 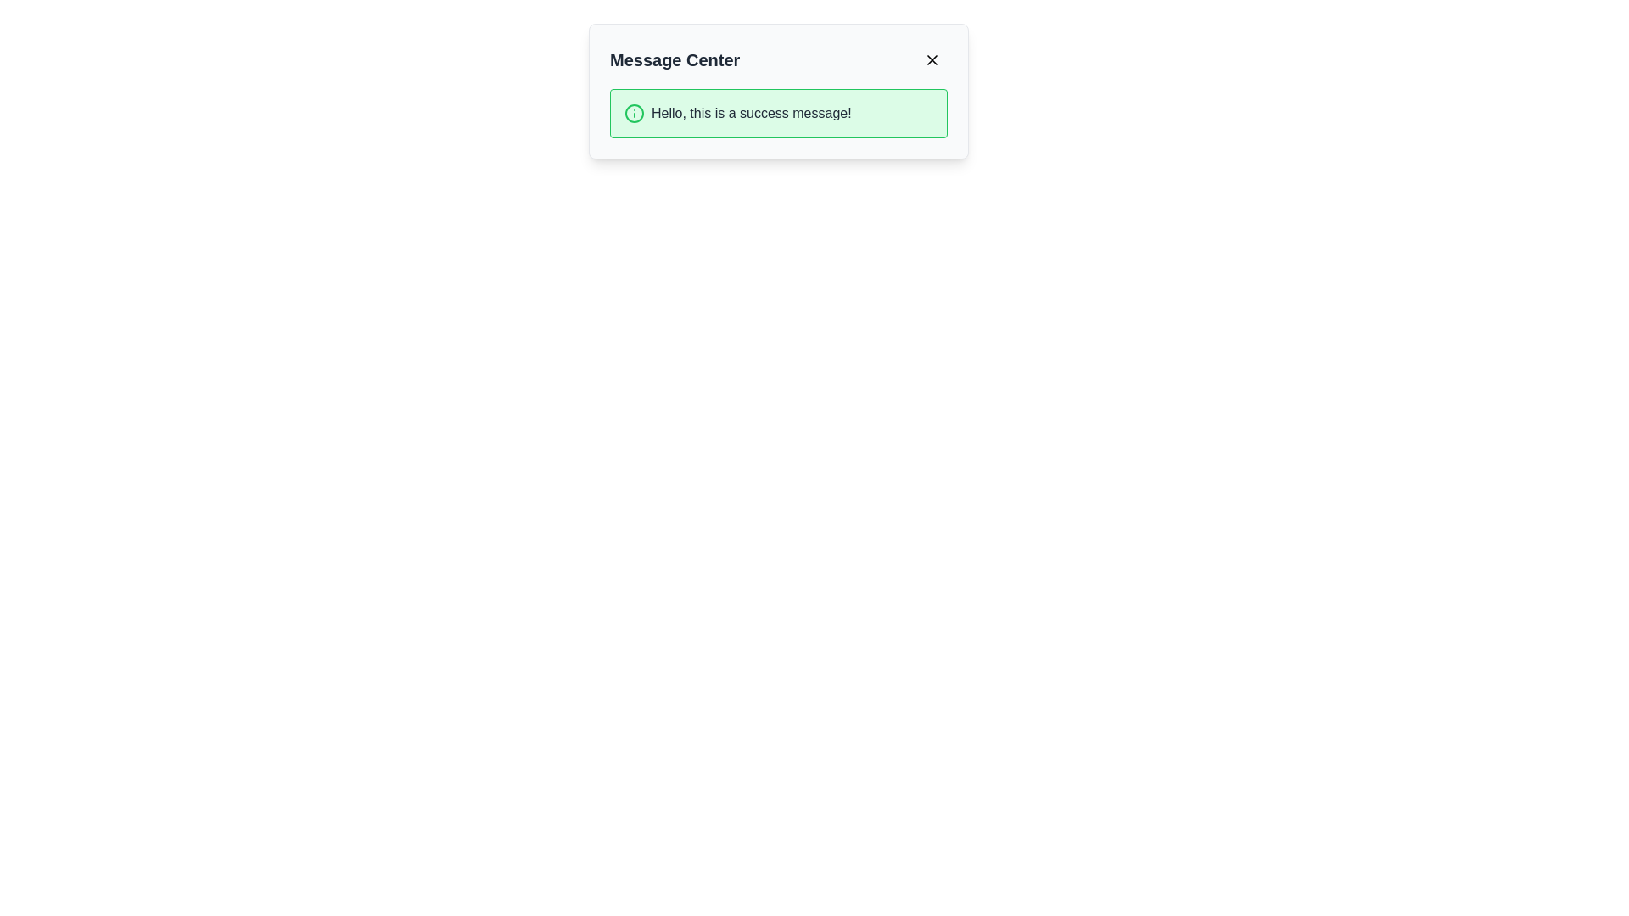 I want to click on the 'Message Center' label, which is a bold and large text label located at the top-left corner of a rectangular modal window, so click(x=674, y=59).